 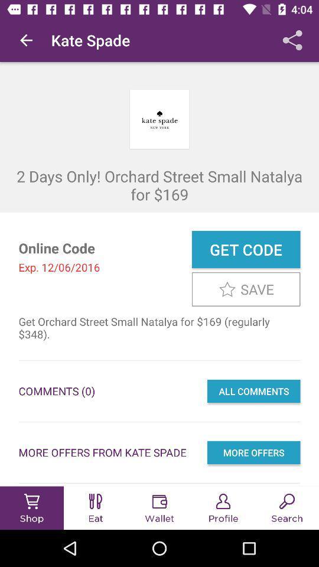 I want to click on all comments, so click(x=253, y=391).